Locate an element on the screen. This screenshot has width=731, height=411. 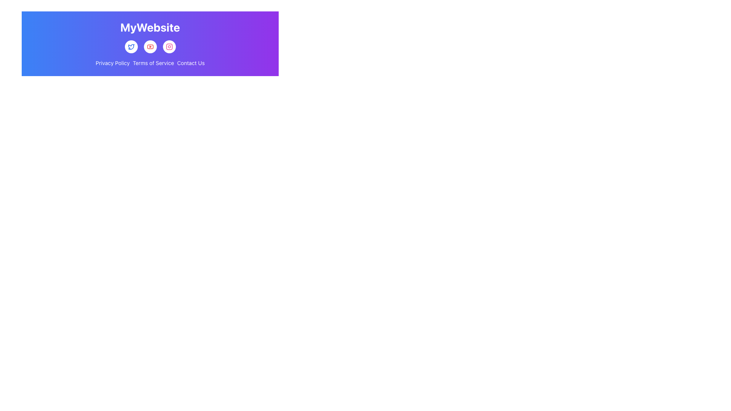
the Interactive button that links to YouTube, positioned between the Twitter button on the left and the Instagram button on the right is located at coordinates (150, 47).